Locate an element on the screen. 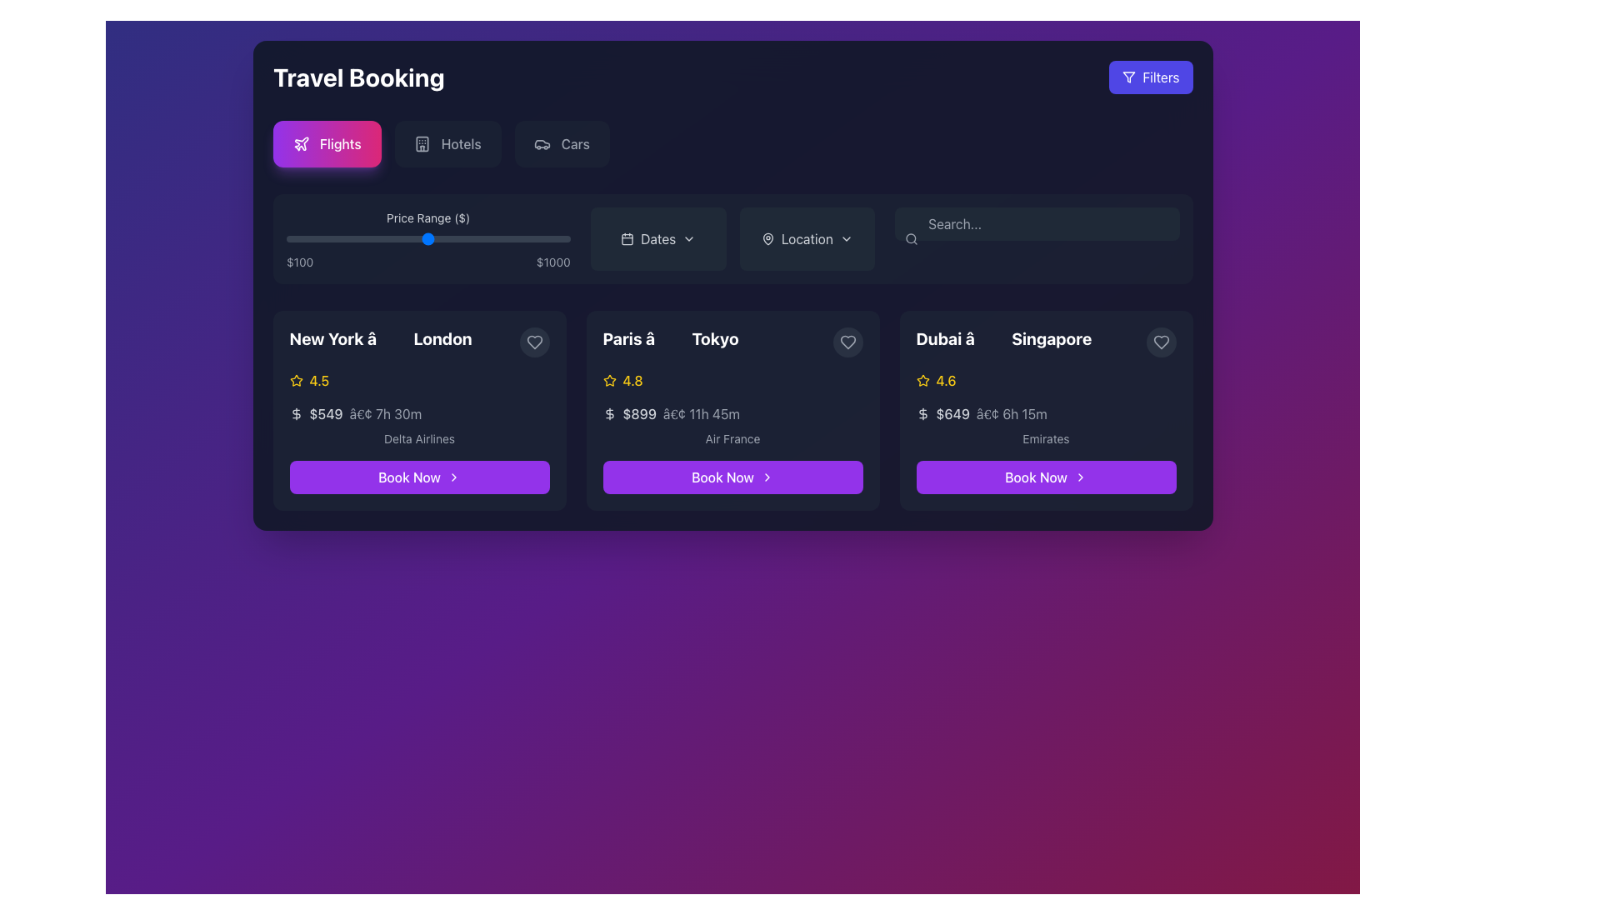  the price range is located at coordinates (528, 238).